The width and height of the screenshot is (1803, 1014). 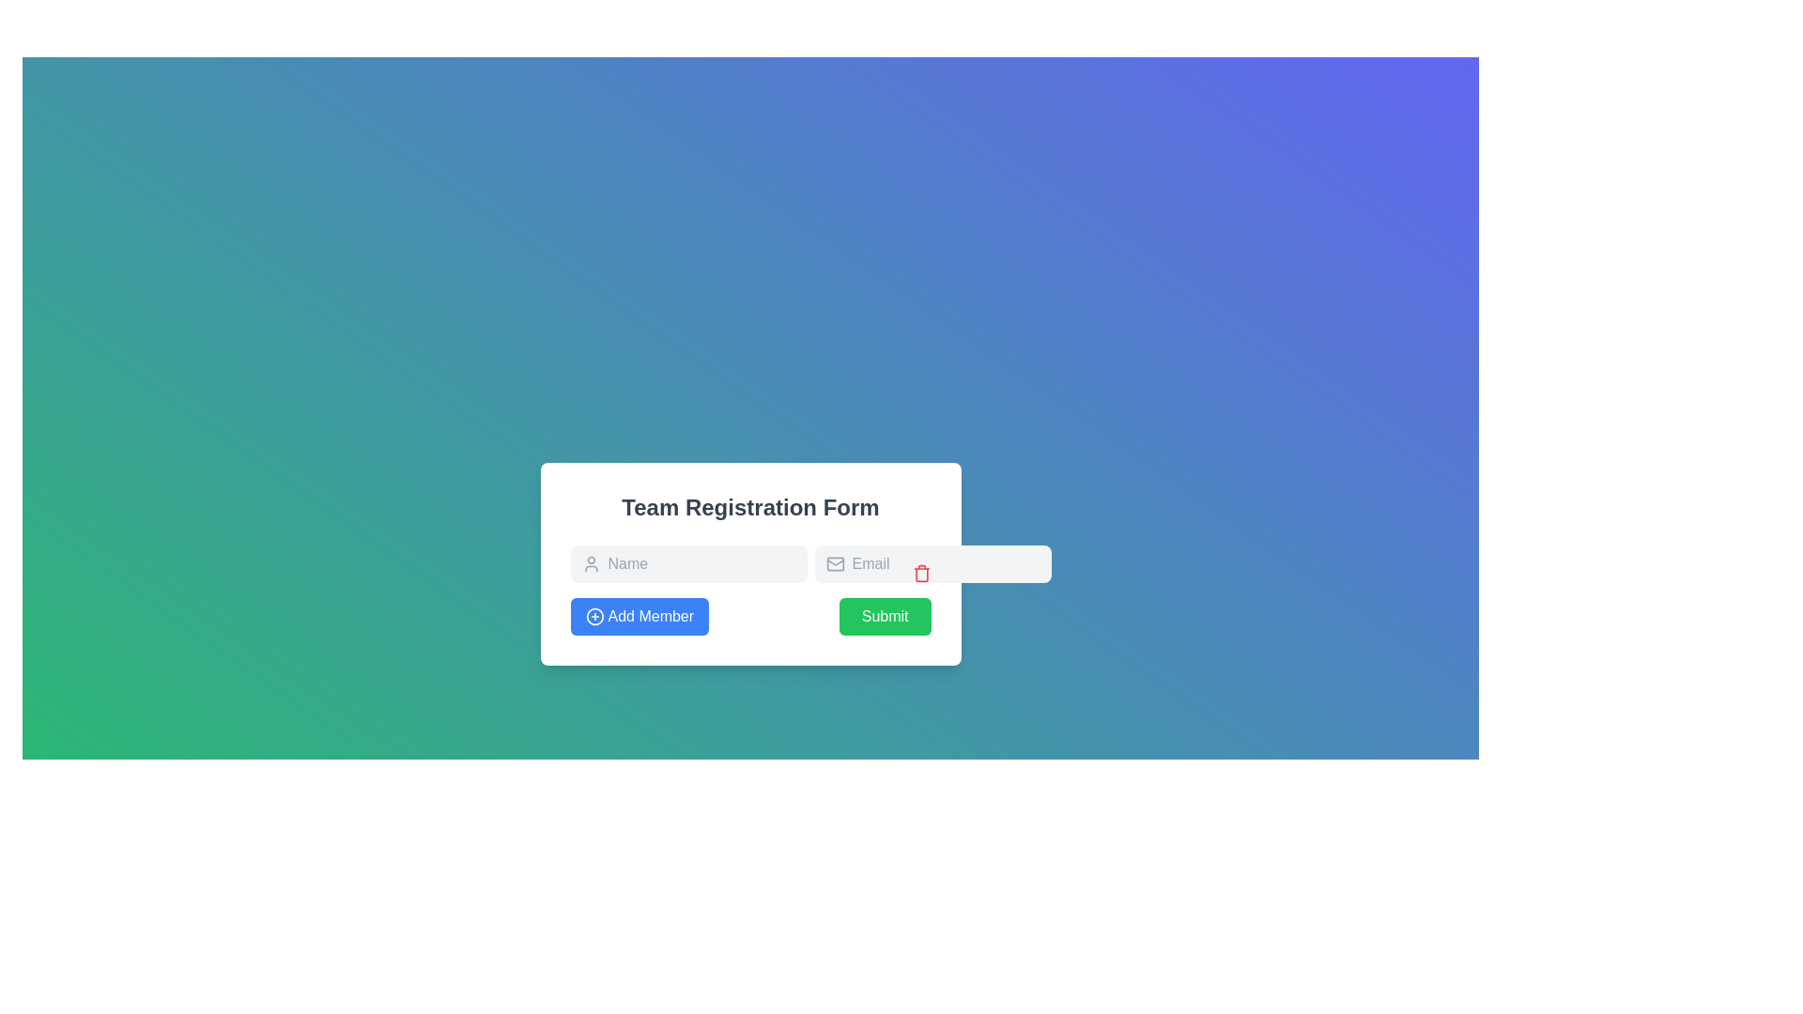 What do you see at coordinates (834, 563) in the screenshot?
I see `the email icon located to the left of the email input field, which serves as a visual indicator for email addresses` at bounding box center [834, 563].